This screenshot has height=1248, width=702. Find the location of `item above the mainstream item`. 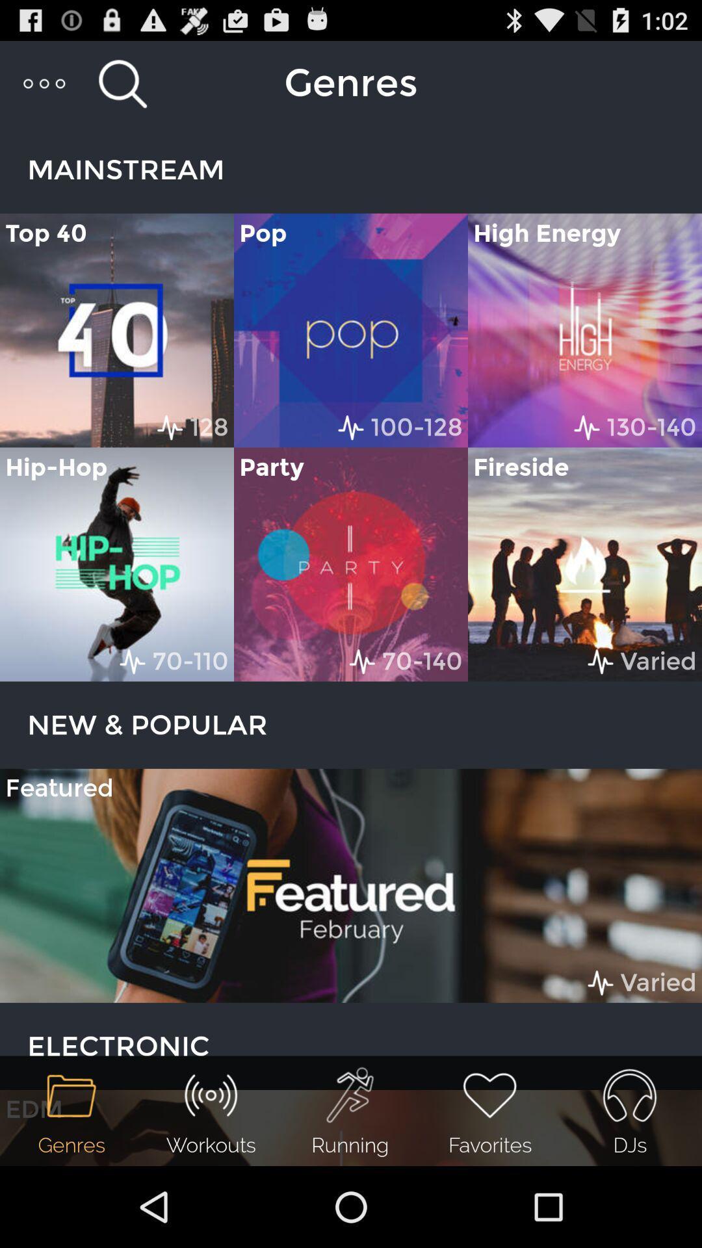

item above the mainstream item is located at coordinates (122, 83).